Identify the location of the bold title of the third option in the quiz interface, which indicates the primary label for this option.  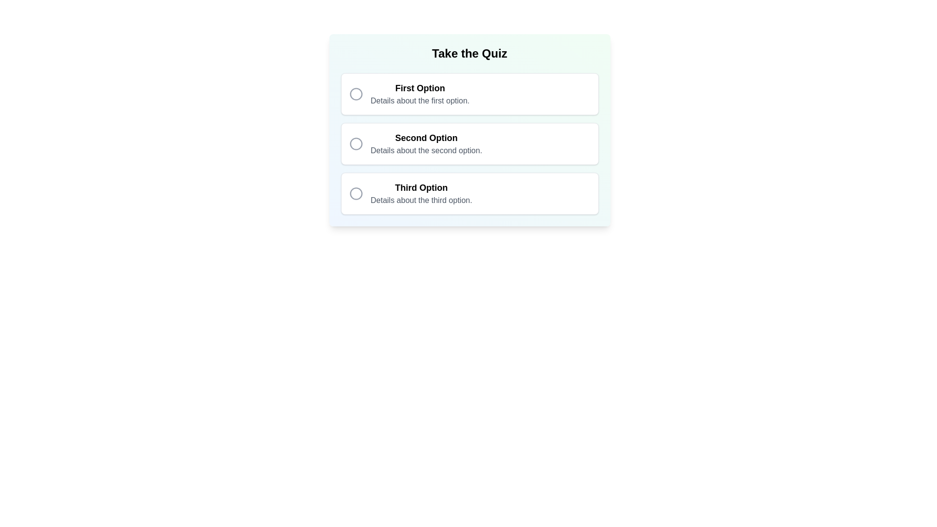
(421, 188).